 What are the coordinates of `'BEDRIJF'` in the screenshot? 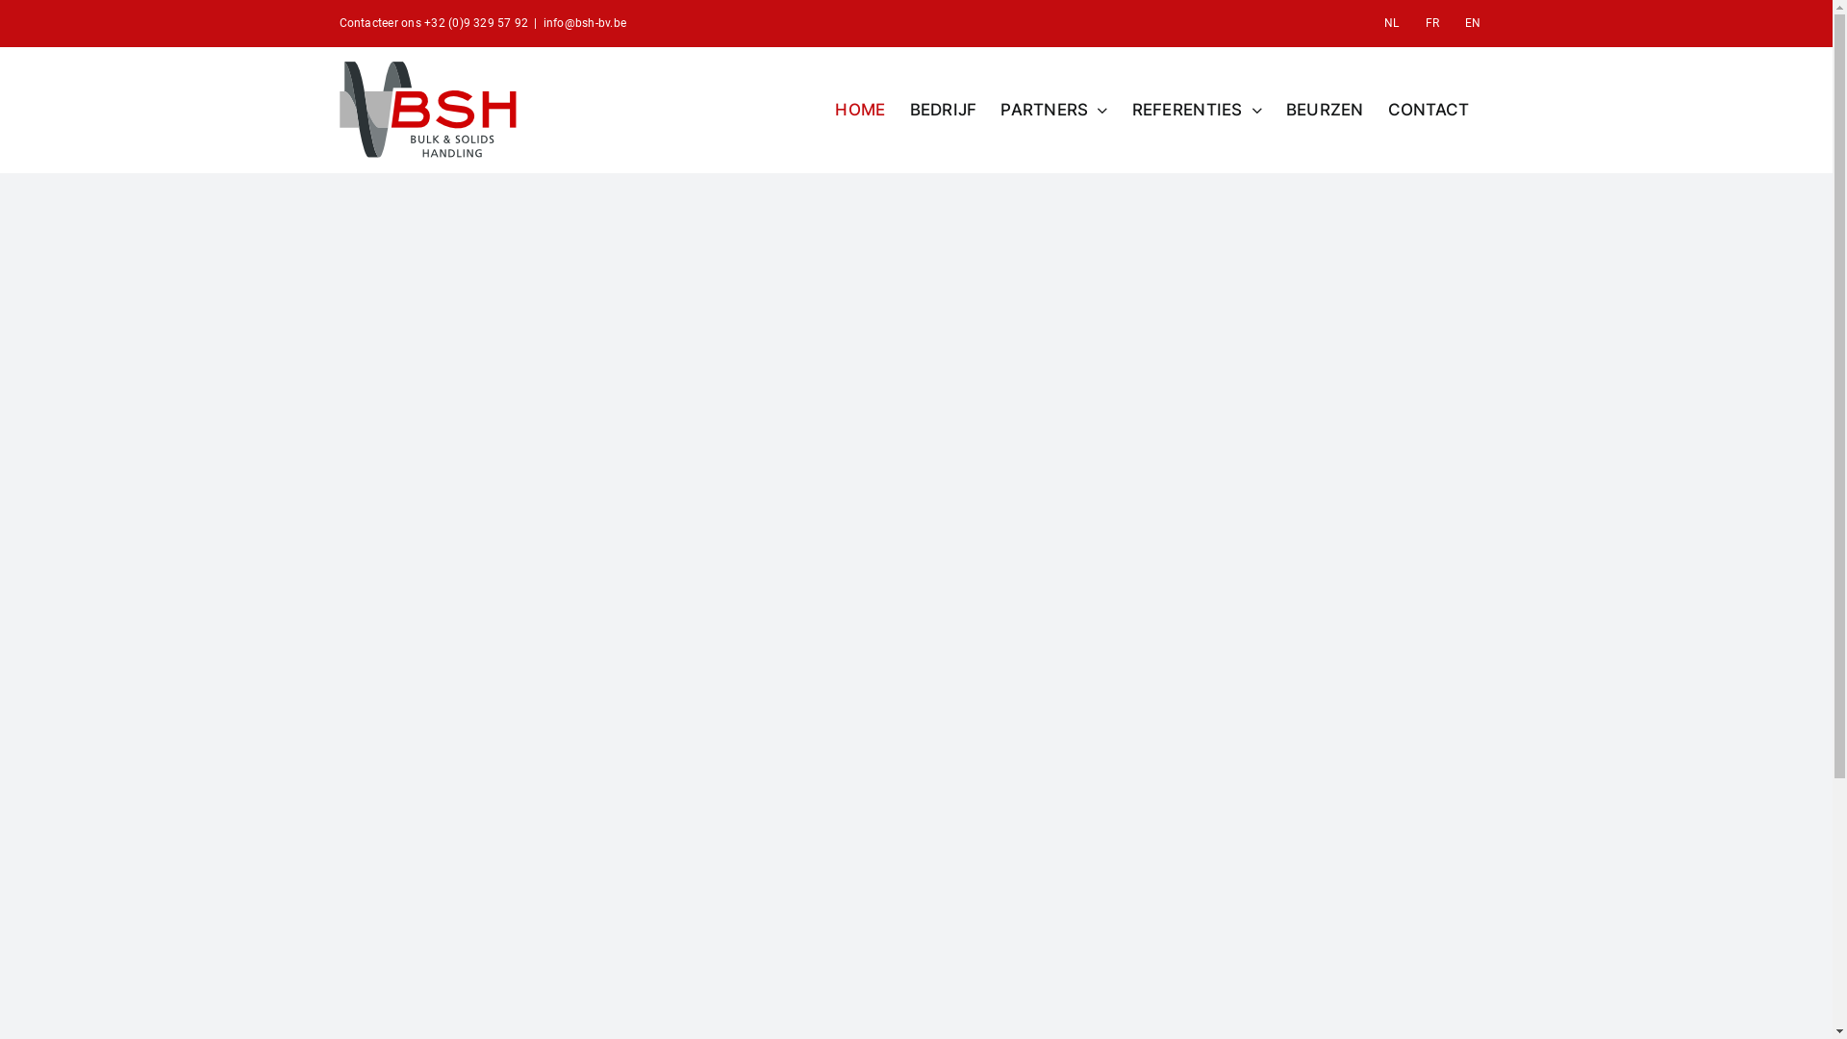 It's located at (943, 110).